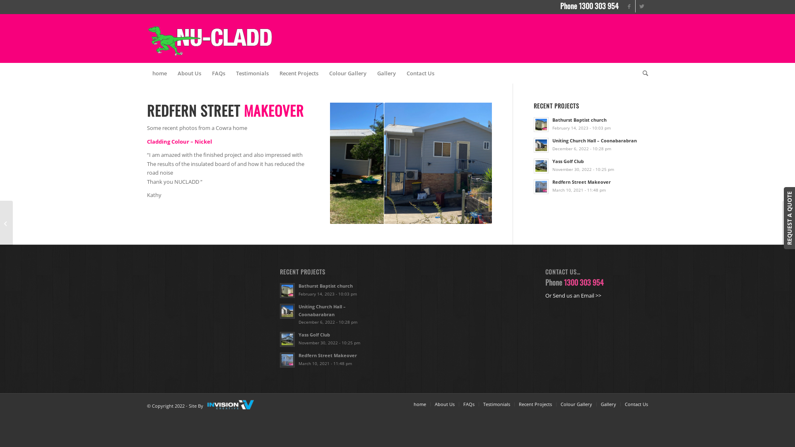  I want to click on 'Contact Us', so click(420, 73).